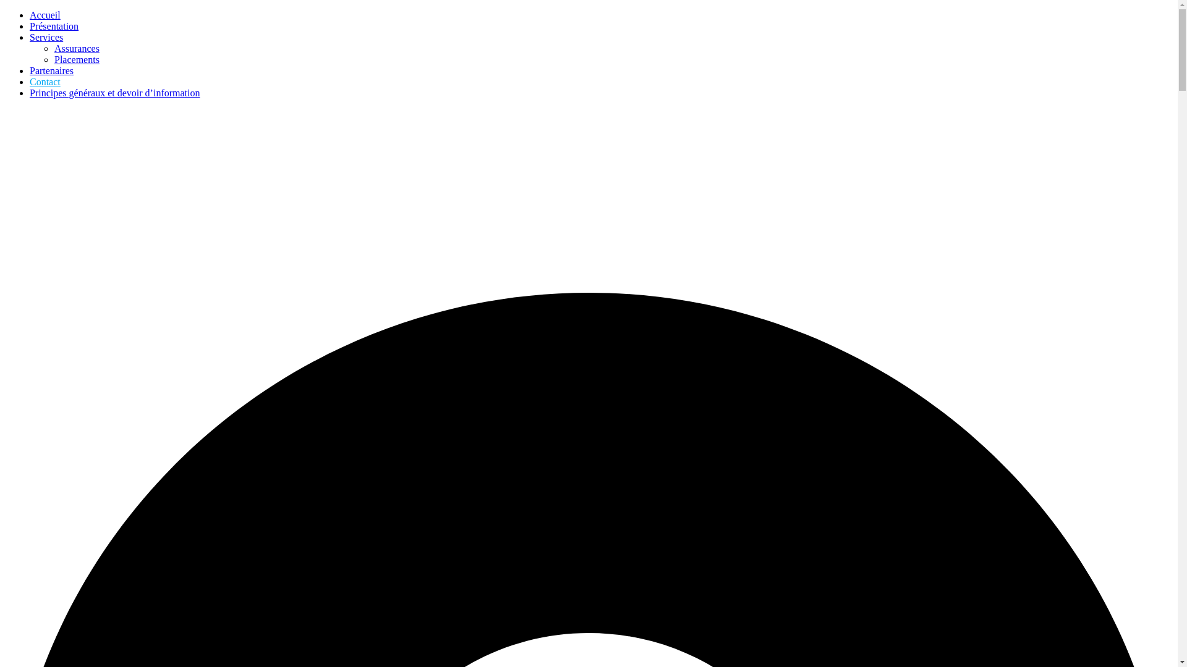 The image size is (1187, 667). Describe the element at coordinates (76, 59) in the screenshot. I see `'Placements'` at that location.